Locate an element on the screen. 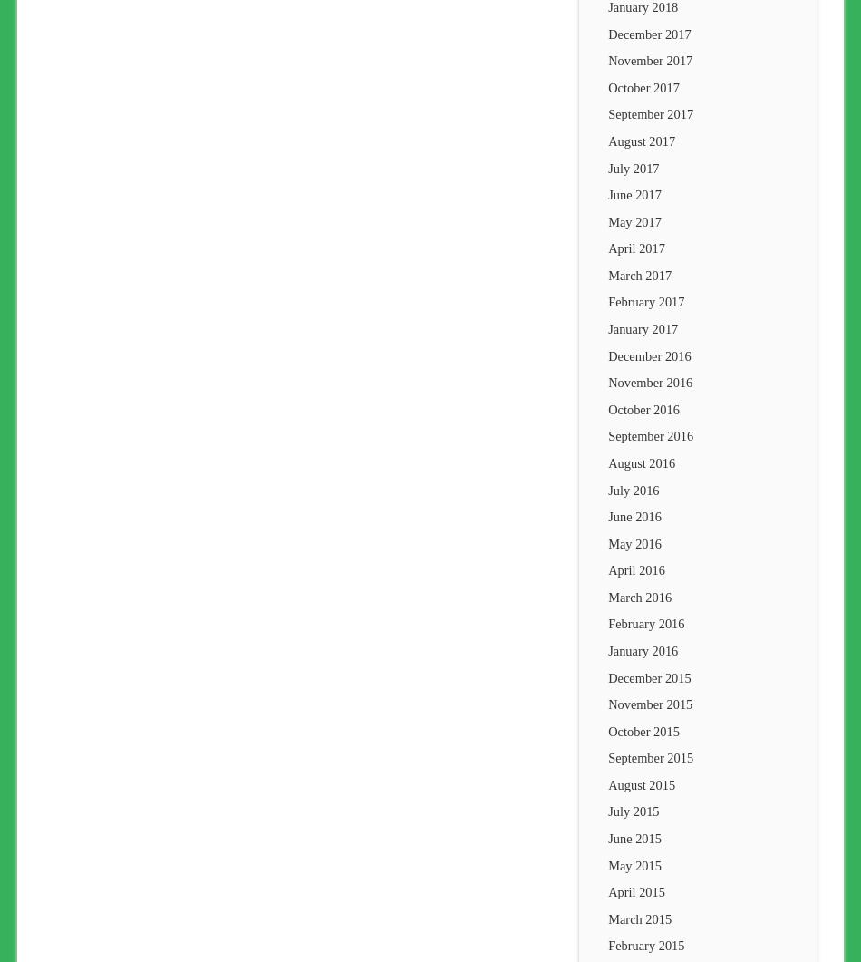  'March 2017' is located at coordinates (640, 274).